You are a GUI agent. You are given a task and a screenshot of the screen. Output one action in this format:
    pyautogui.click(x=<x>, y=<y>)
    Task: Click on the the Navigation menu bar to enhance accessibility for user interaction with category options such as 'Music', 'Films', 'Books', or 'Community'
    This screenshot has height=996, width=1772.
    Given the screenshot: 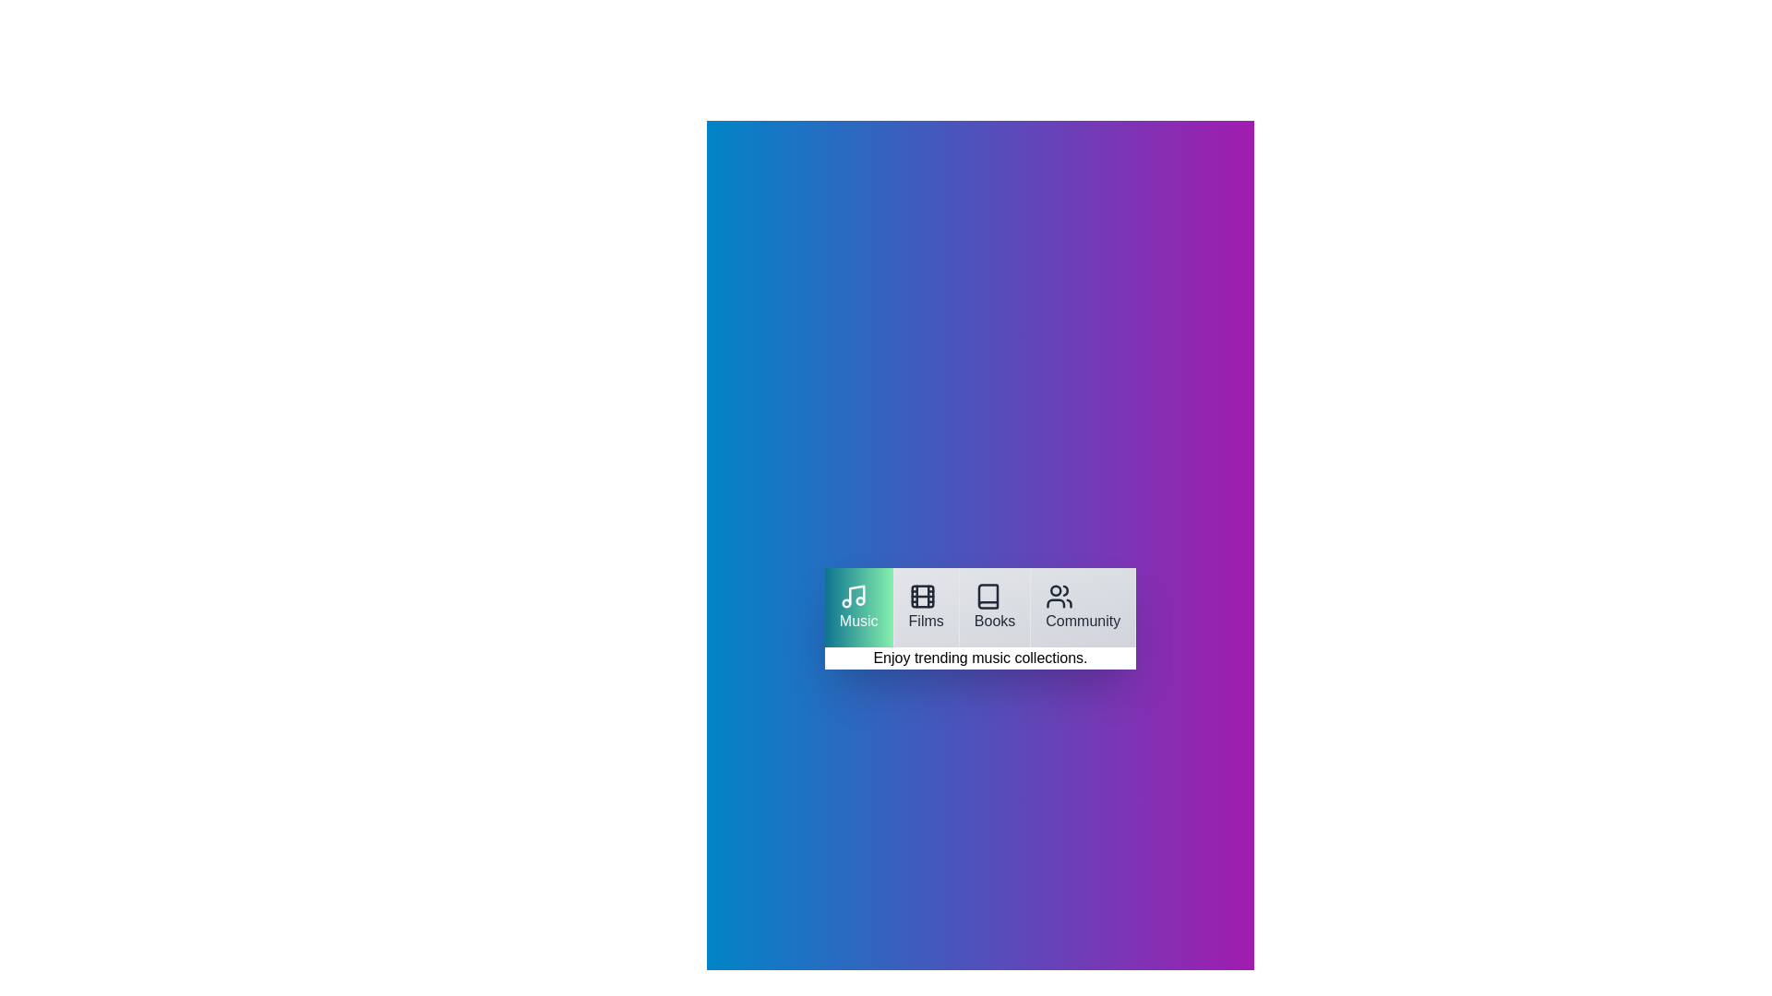 What is the action you would take?
    pyautogui.click(x=979, y=608)
    